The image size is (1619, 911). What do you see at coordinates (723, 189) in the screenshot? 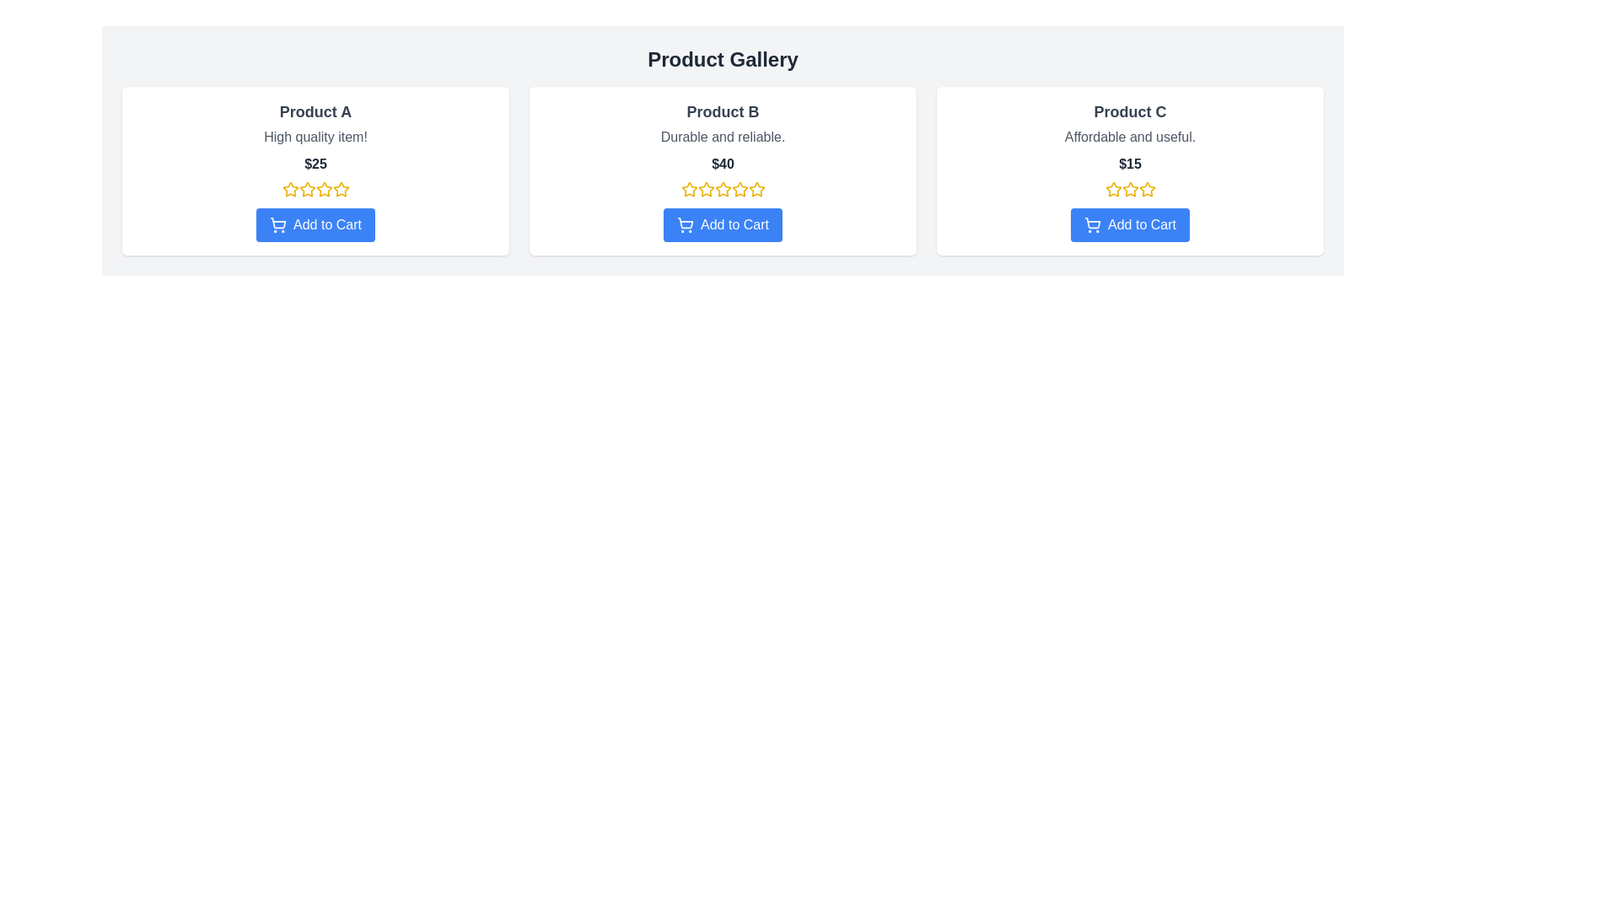
I see `the fourth star icon representing the rating system located under the 'Product Gallery' section for 'Product B'` at bounding box center [723, 189].